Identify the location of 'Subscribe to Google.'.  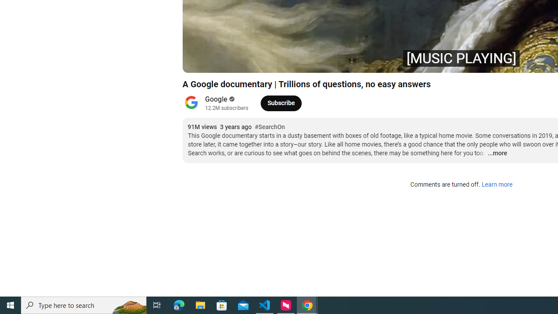
(281, 102).